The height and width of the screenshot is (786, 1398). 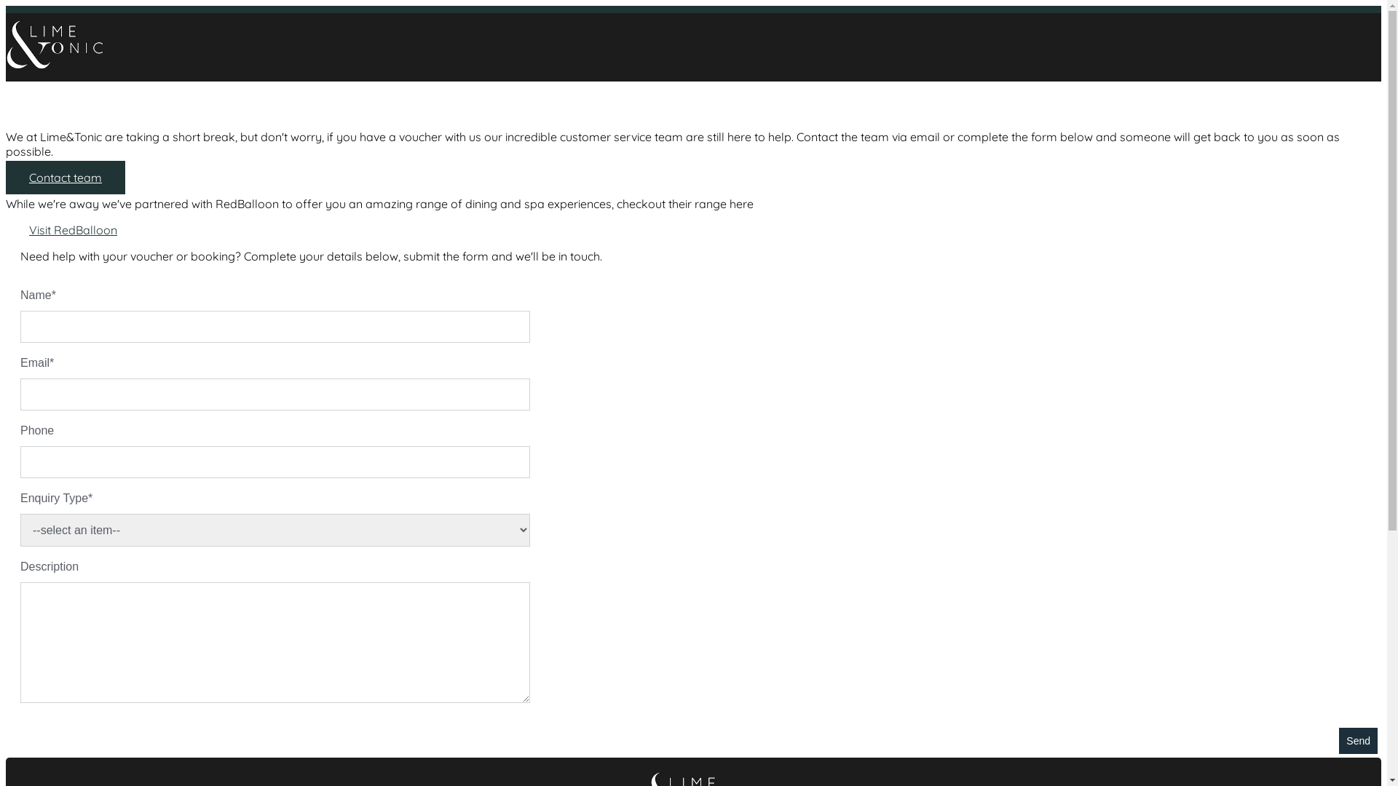 What do you see at coordinates (65, 176) in the screenshot?
I see `'Contact team'` at bounding box center [65, 176].